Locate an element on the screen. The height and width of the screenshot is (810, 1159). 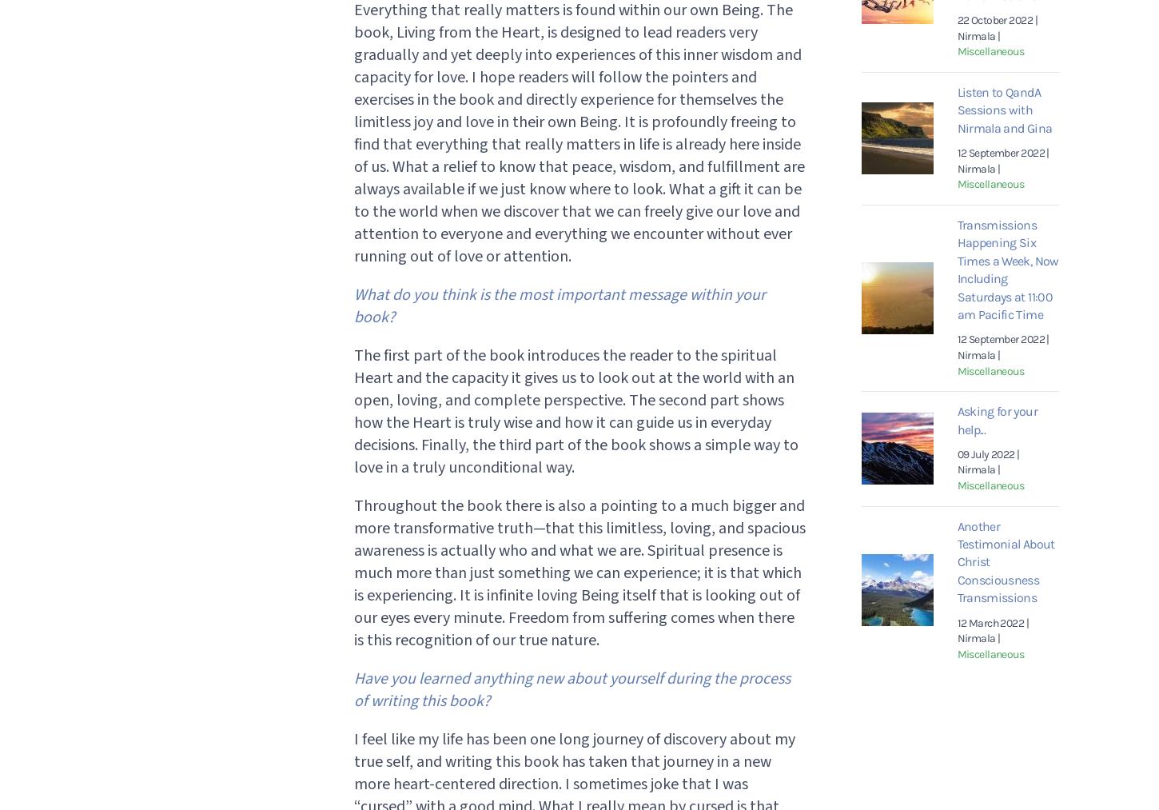
'Have you learned anything new about yourself during the process of writing this book?' is located at coordinates (570, 688).